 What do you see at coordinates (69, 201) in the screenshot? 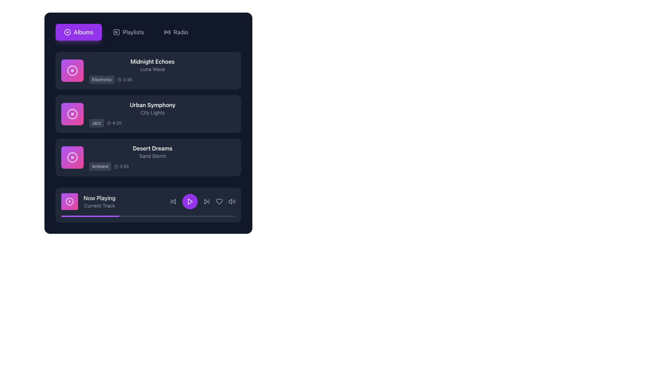
I see `the icon representing the currently playing track, located in the bottom-most row to the left of the text 'Now Playing' and 'Current Track'` at bounding box center [69, 201].